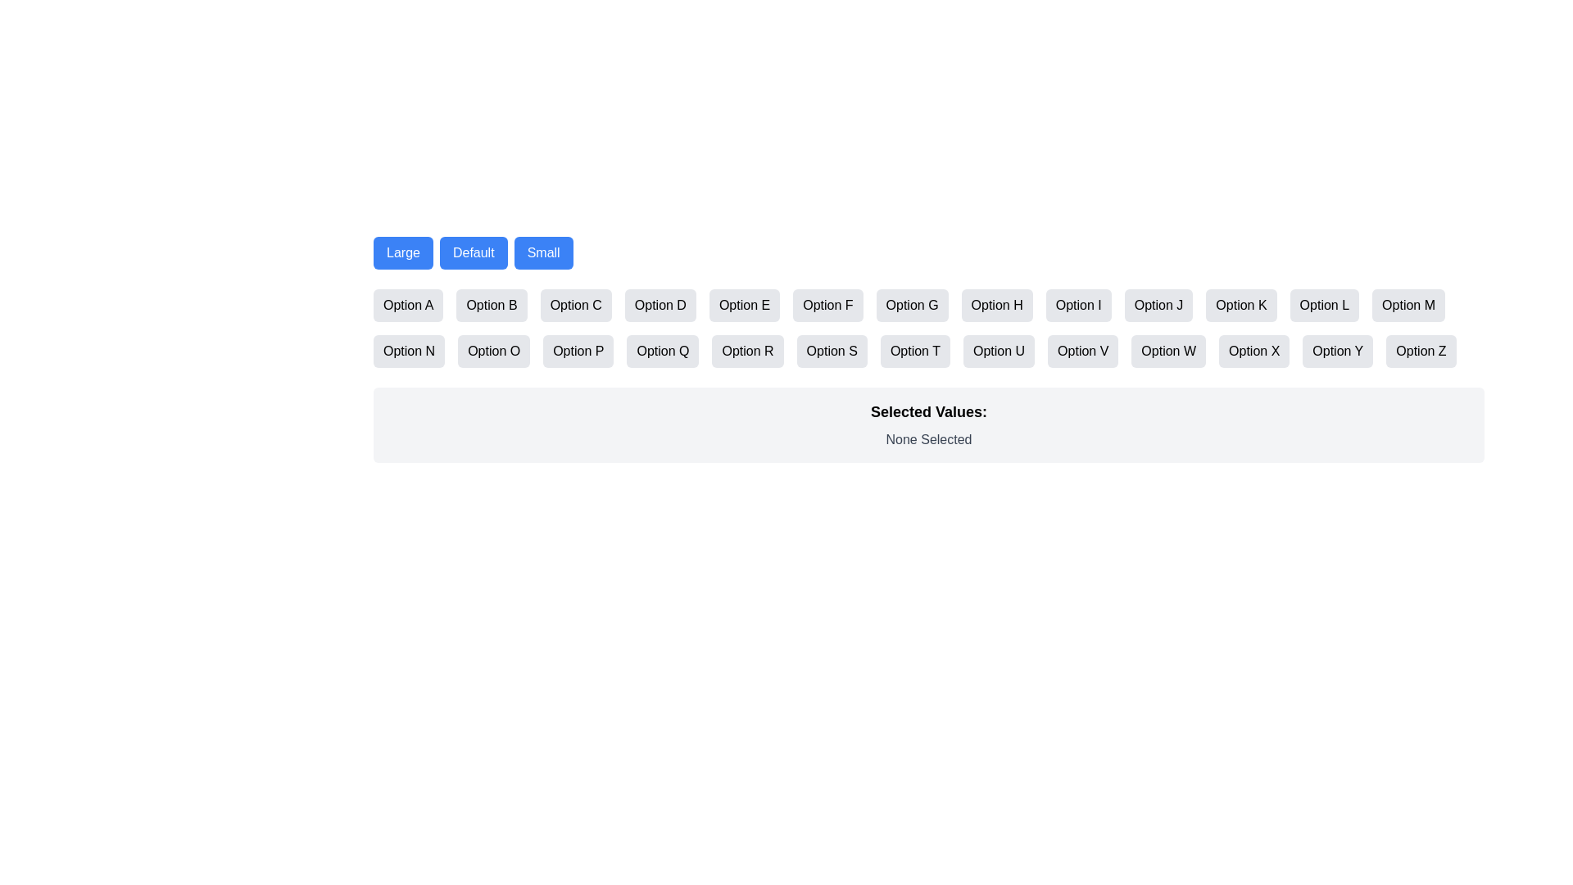 The height and width of the screenshot is (885, 1573). Describe the element at coordinates (827, 306) in the screenshot. I see `the button labeled 'Option F'` at that location.